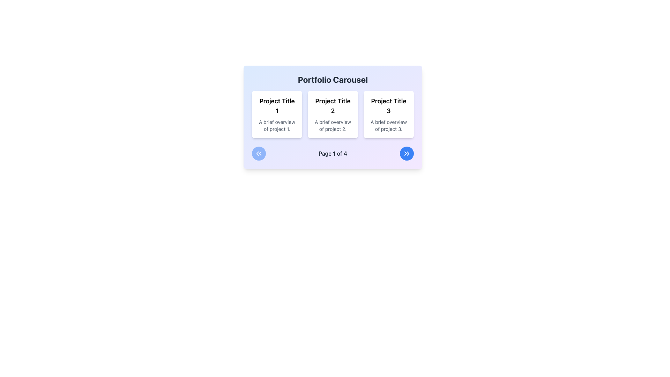  I want to click on the Informational card titled 'Project Title 2' which contains a brief overview text and is the second card in the 'Portfolio Carousel' layout, so click(333, 114).